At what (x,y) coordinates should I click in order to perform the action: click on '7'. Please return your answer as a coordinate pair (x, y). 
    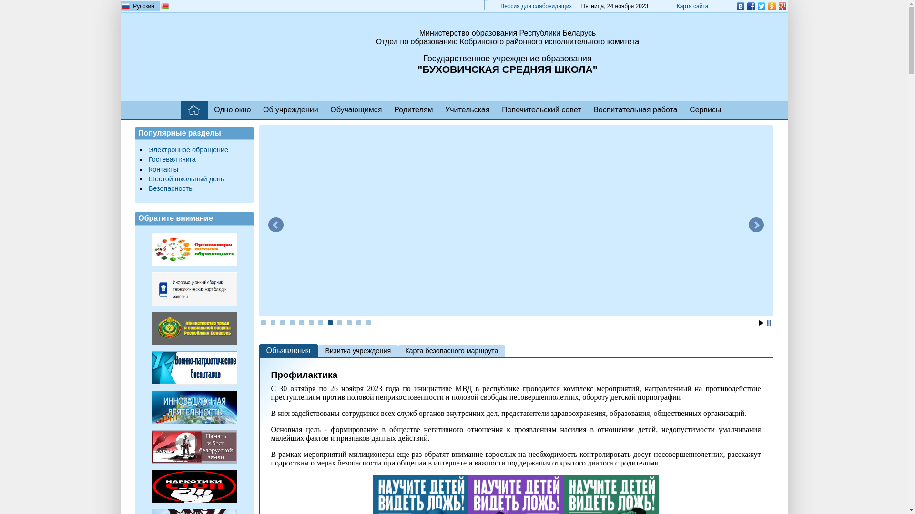
    Looking at the image, I should click on (320, 322).